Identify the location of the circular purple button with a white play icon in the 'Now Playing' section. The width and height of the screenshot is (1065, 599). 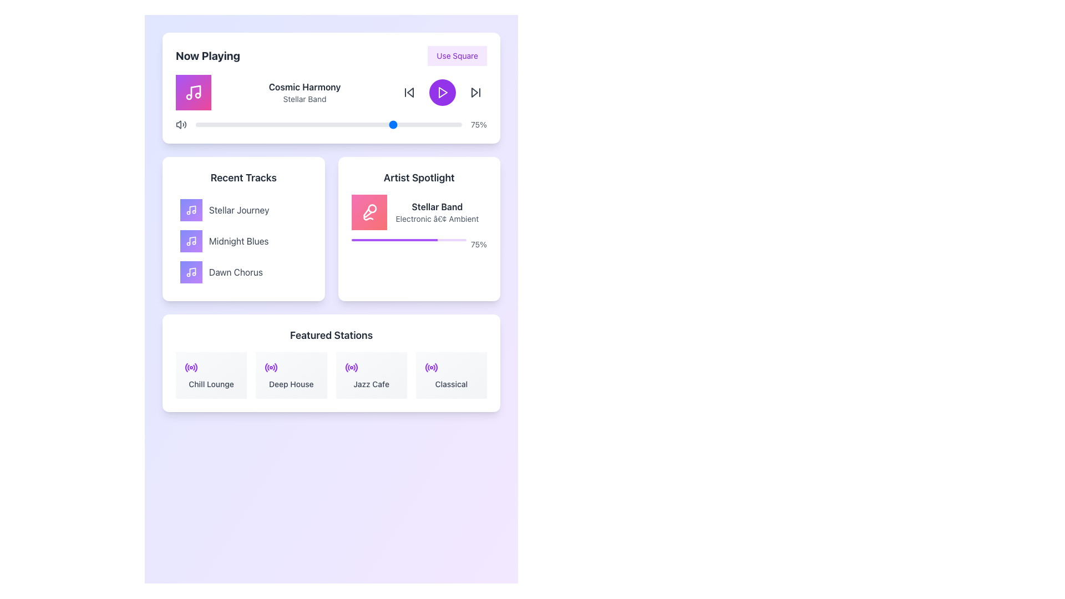
(442, 92).